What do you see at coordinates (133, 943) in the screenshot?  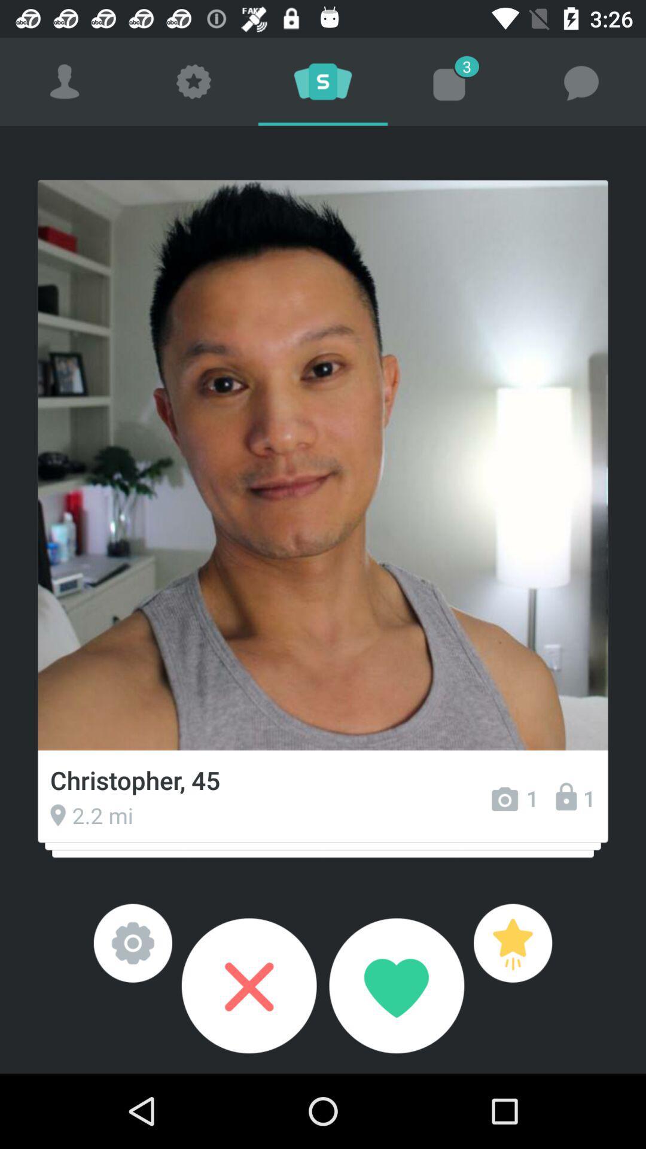 I see `the settings icon` at bounding box center [133, 943].